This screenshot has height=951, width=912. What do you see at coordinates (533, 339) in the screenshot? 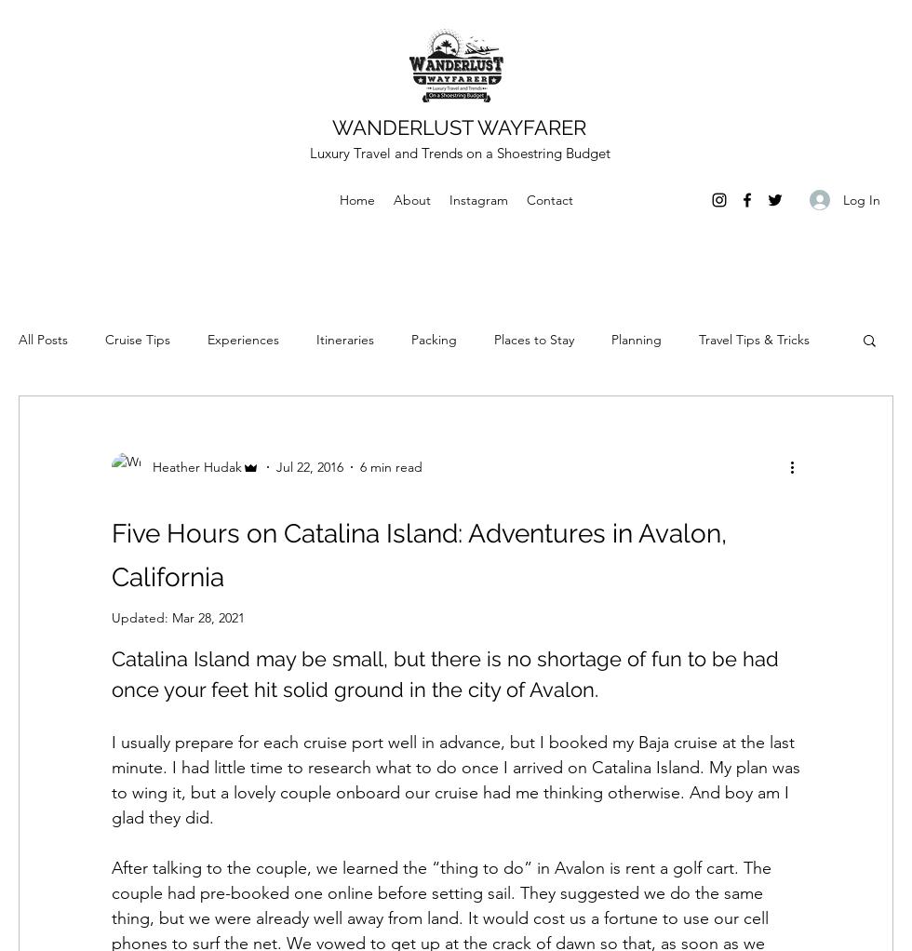
I see `'Places to Stay'` at bounding box center [533, 339].